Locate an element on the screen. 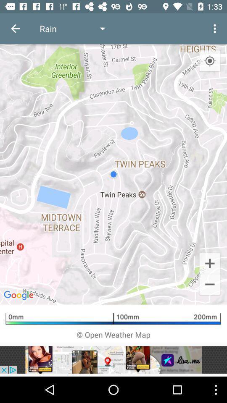 Image resolution: width=227 pixels, height=403 pixels. the minus icon is located at coordinates (209, 285).